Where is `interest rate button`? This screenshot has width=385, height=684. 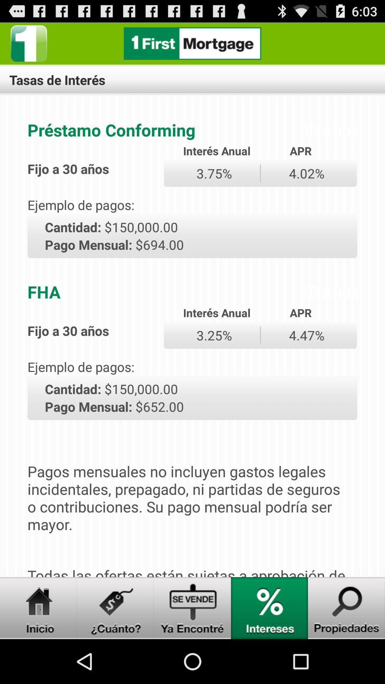 interest rate button is located at coordinates (269, 608).